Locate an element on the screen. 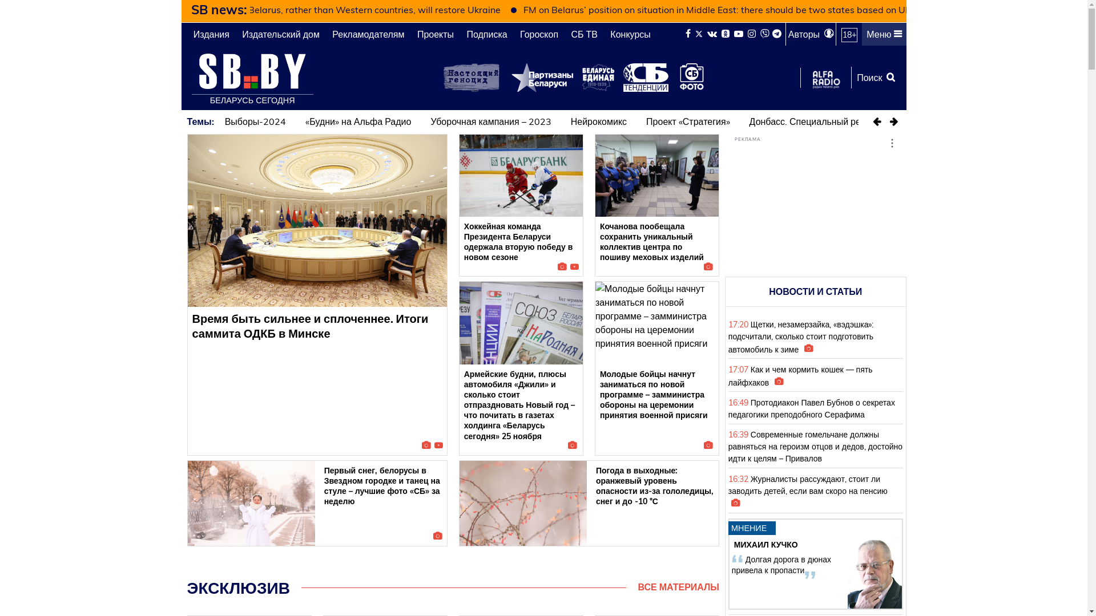 Image resolution: width=1096 pixels, height=616 pixels. 'SB news:' is located at coordinates (219, 9).